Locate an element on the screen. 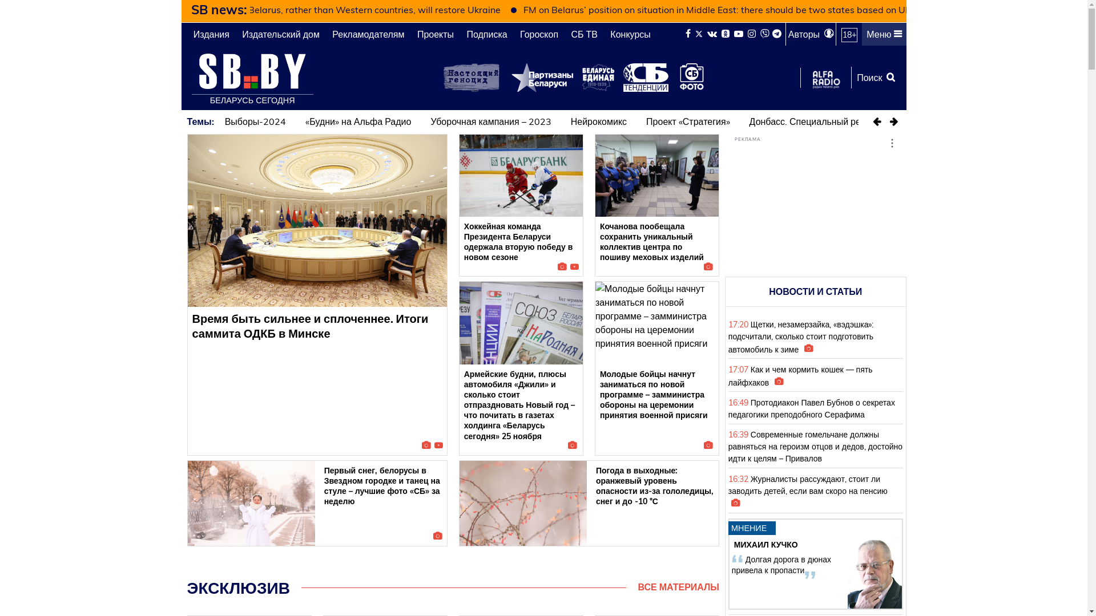 Image resolution: width=1096 pixels, height=616 pixels. 'SB news:' is located at coordinates (219, 9).